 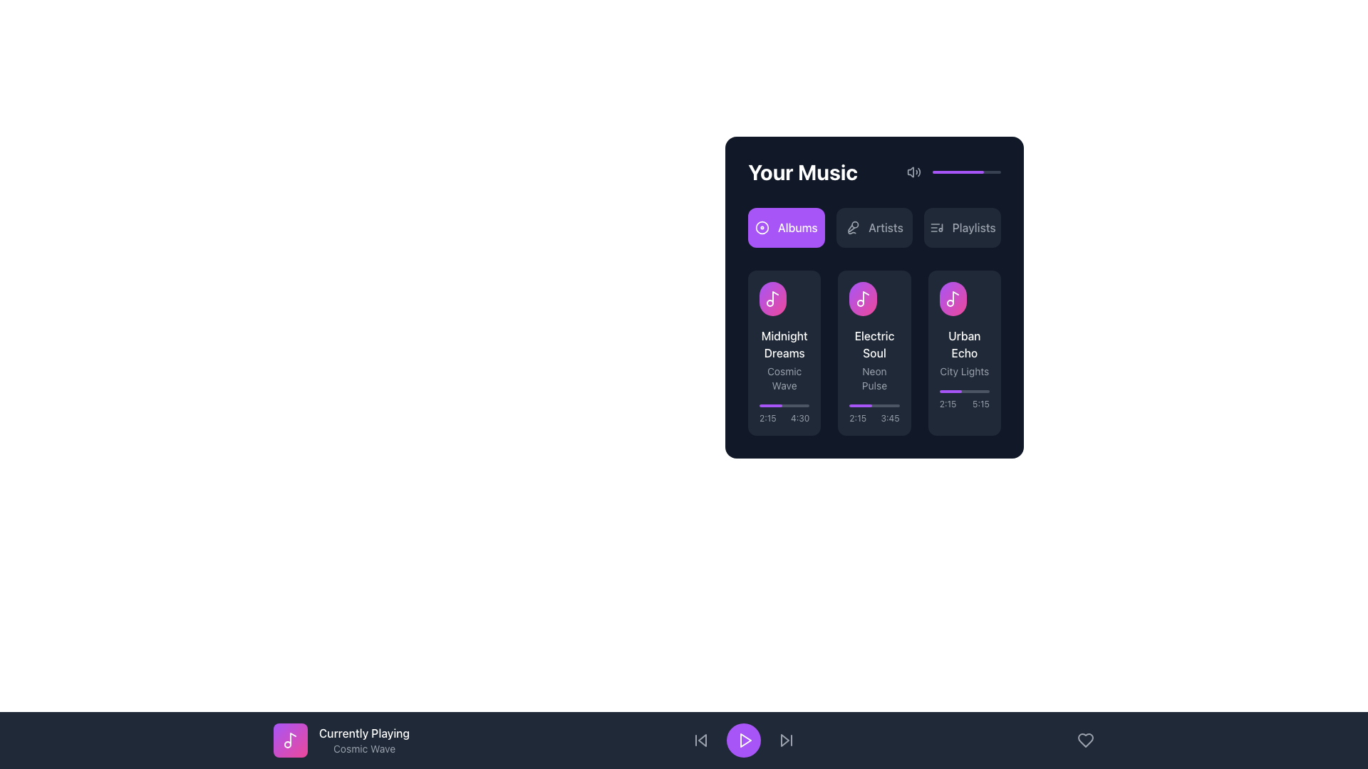 I want to click on the heart icon button located on the far right of the bottom horizontal bar to favorite the currently playing track, so click(x=1084, y=740).